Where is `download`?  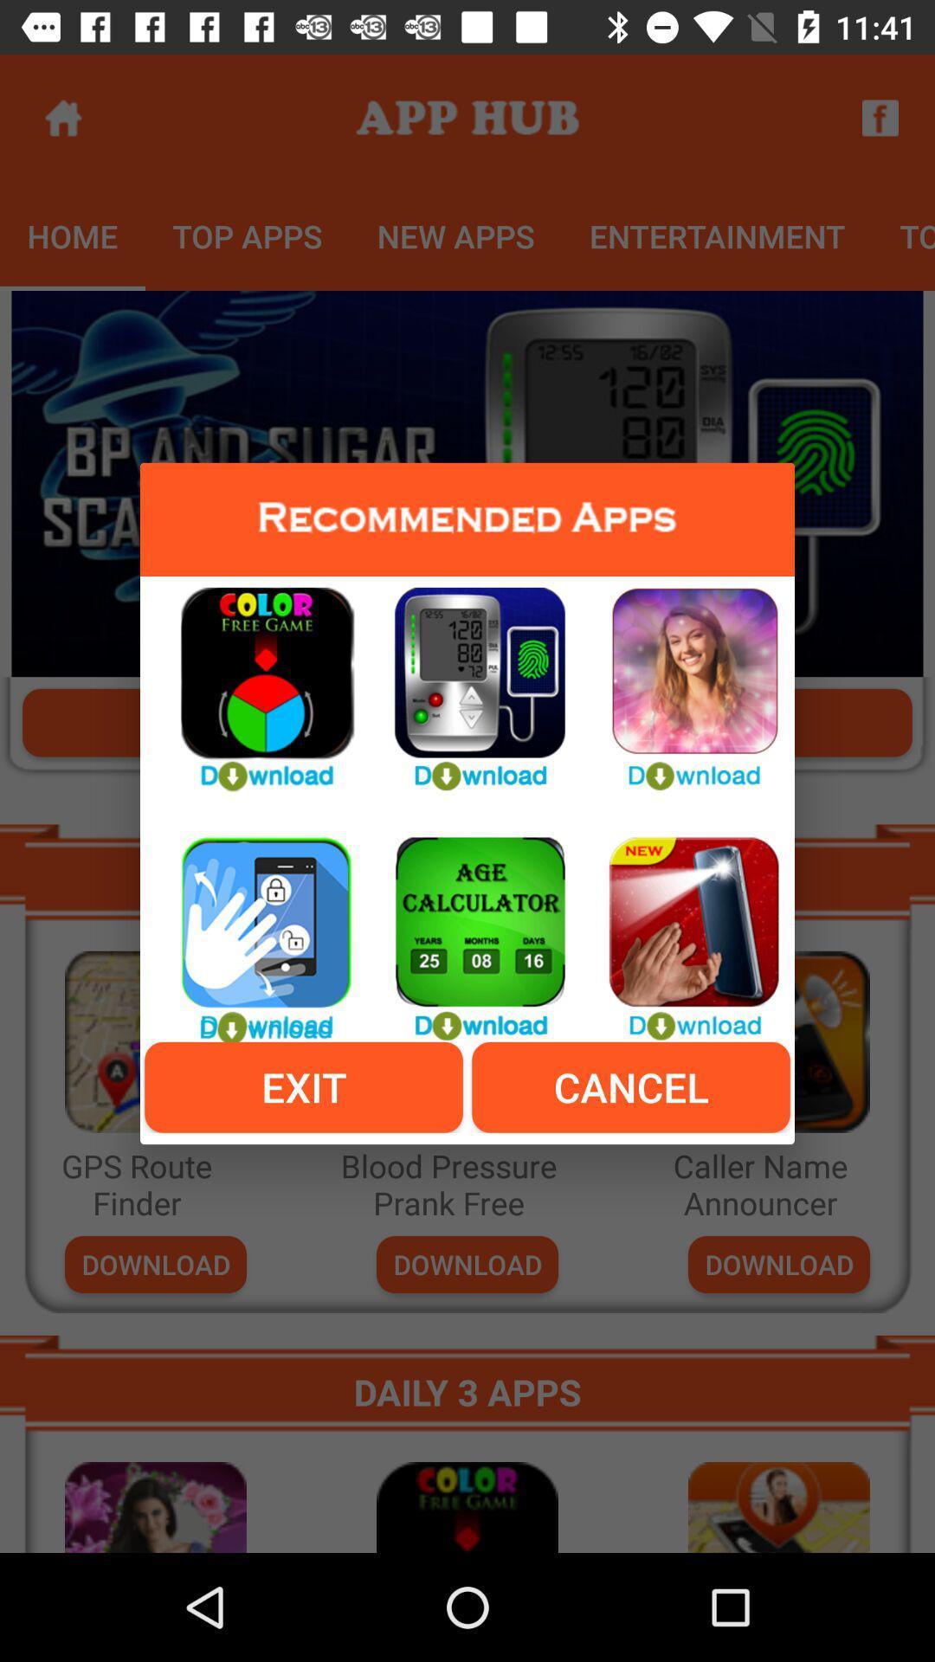 download is located at coordinates (680, 678).